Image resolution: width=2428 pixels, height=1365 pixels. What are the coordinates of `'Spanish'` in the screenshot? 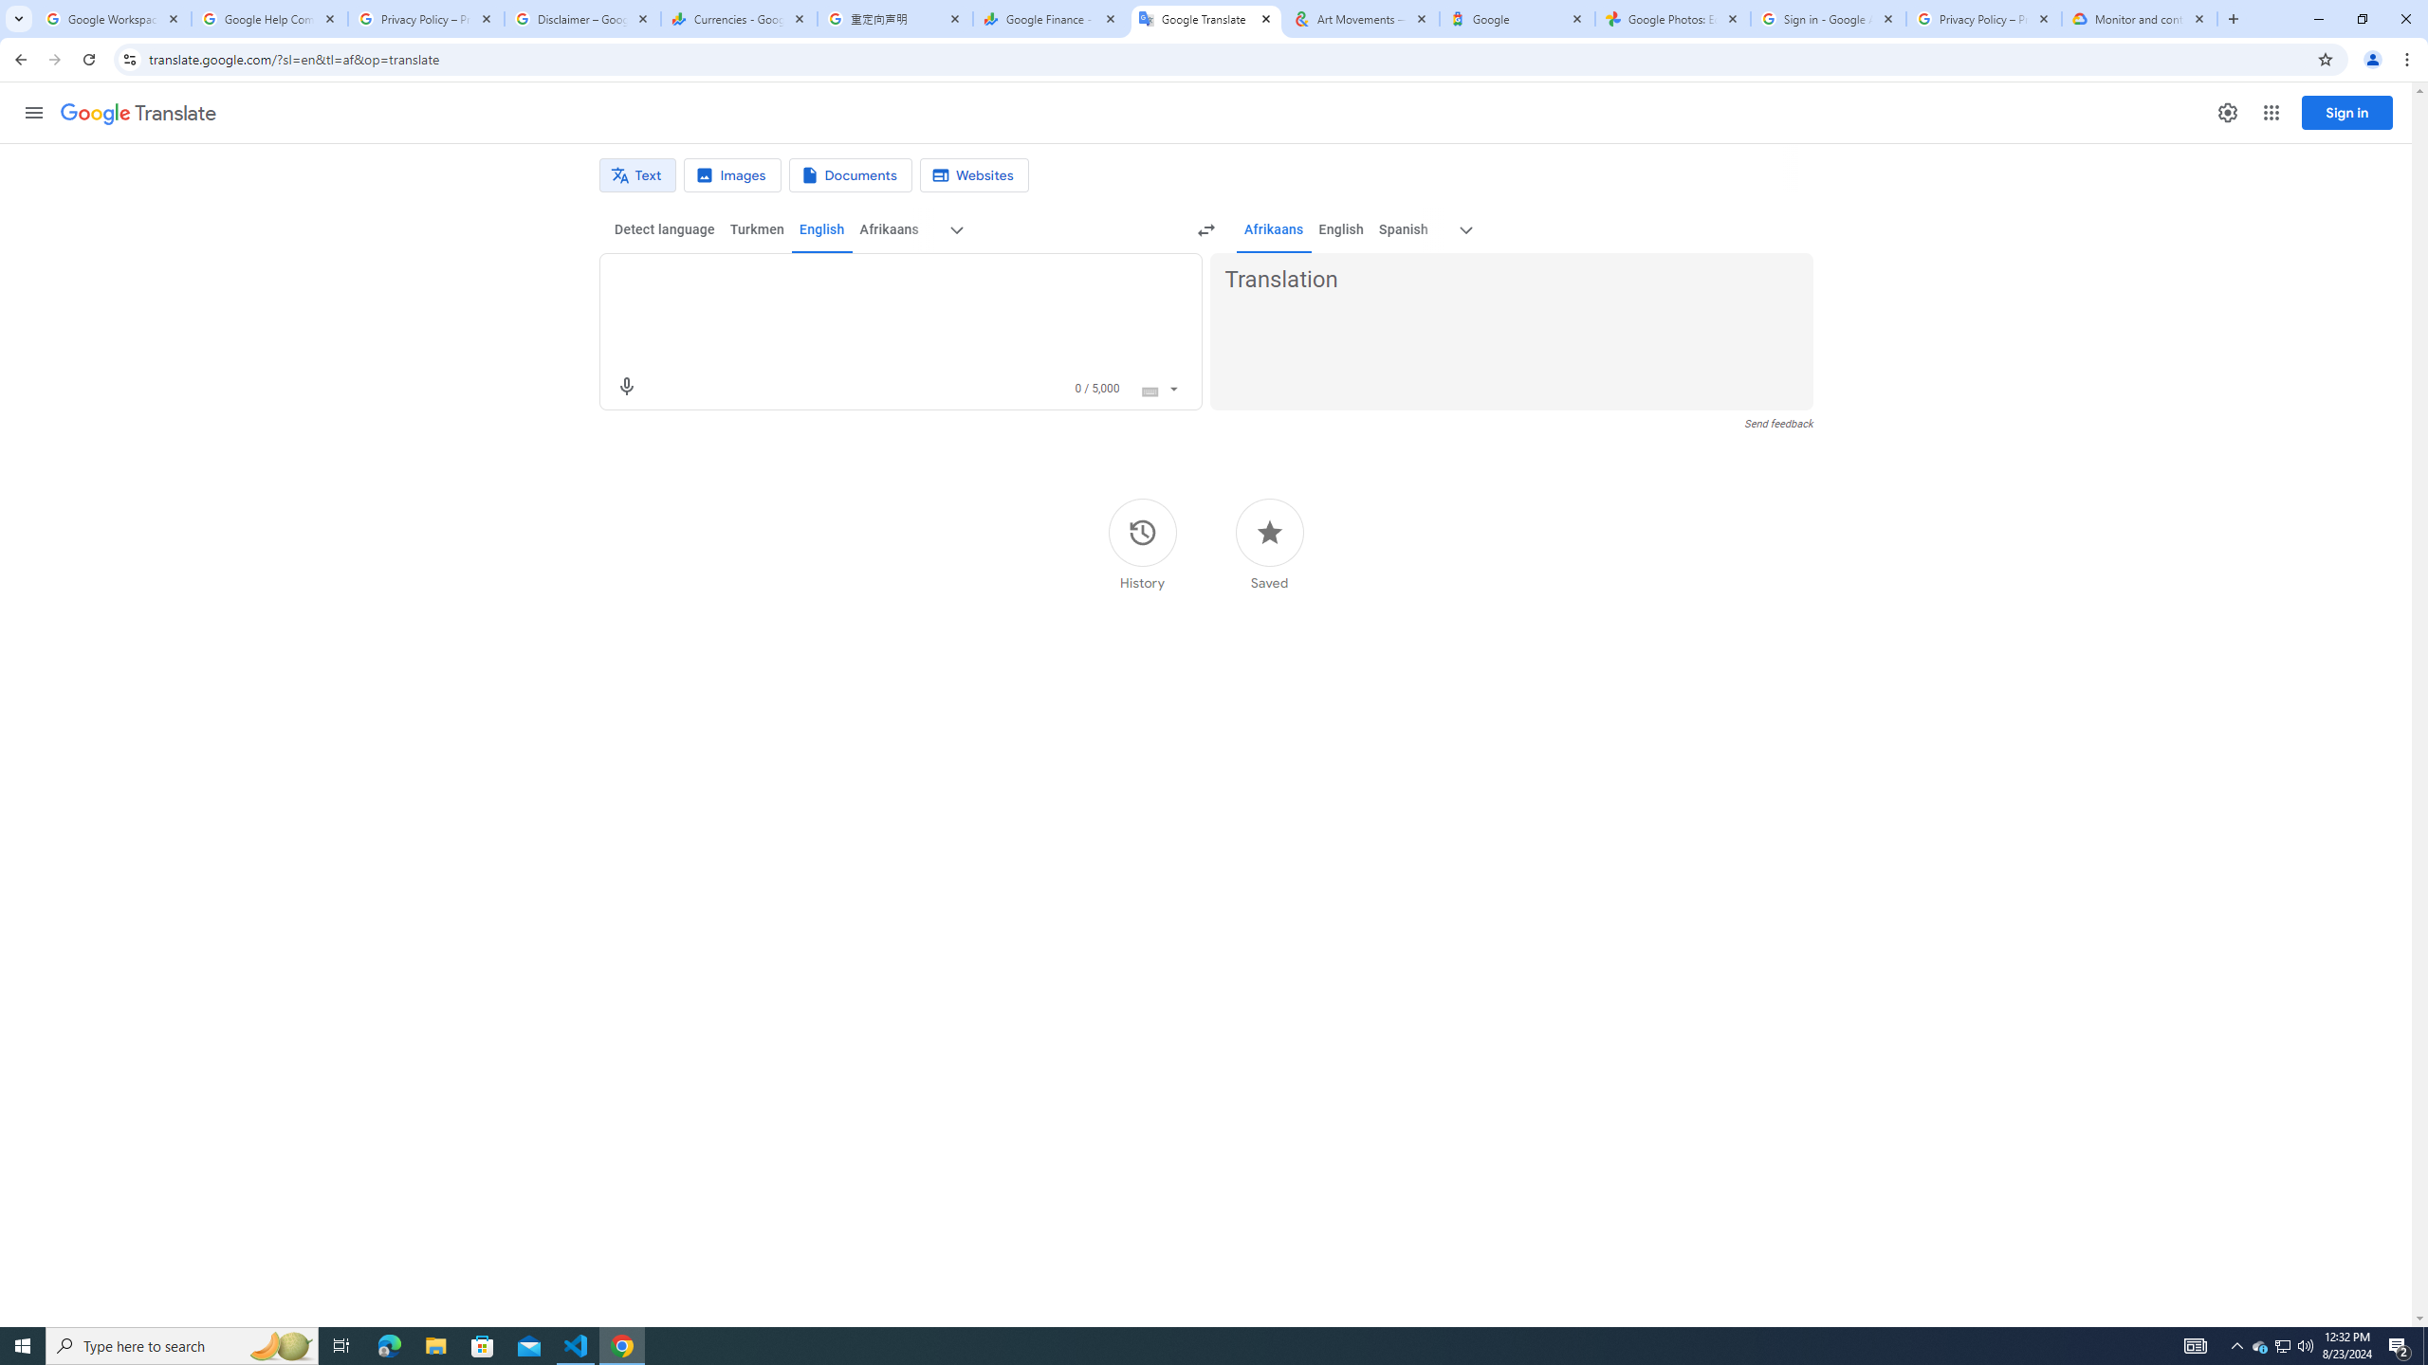 It's located at (1401, 228).